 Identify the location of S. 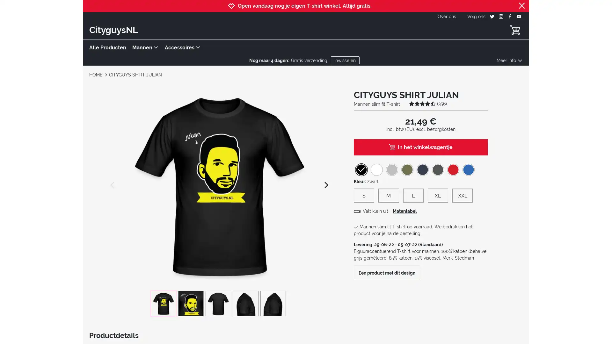
(364, 195).